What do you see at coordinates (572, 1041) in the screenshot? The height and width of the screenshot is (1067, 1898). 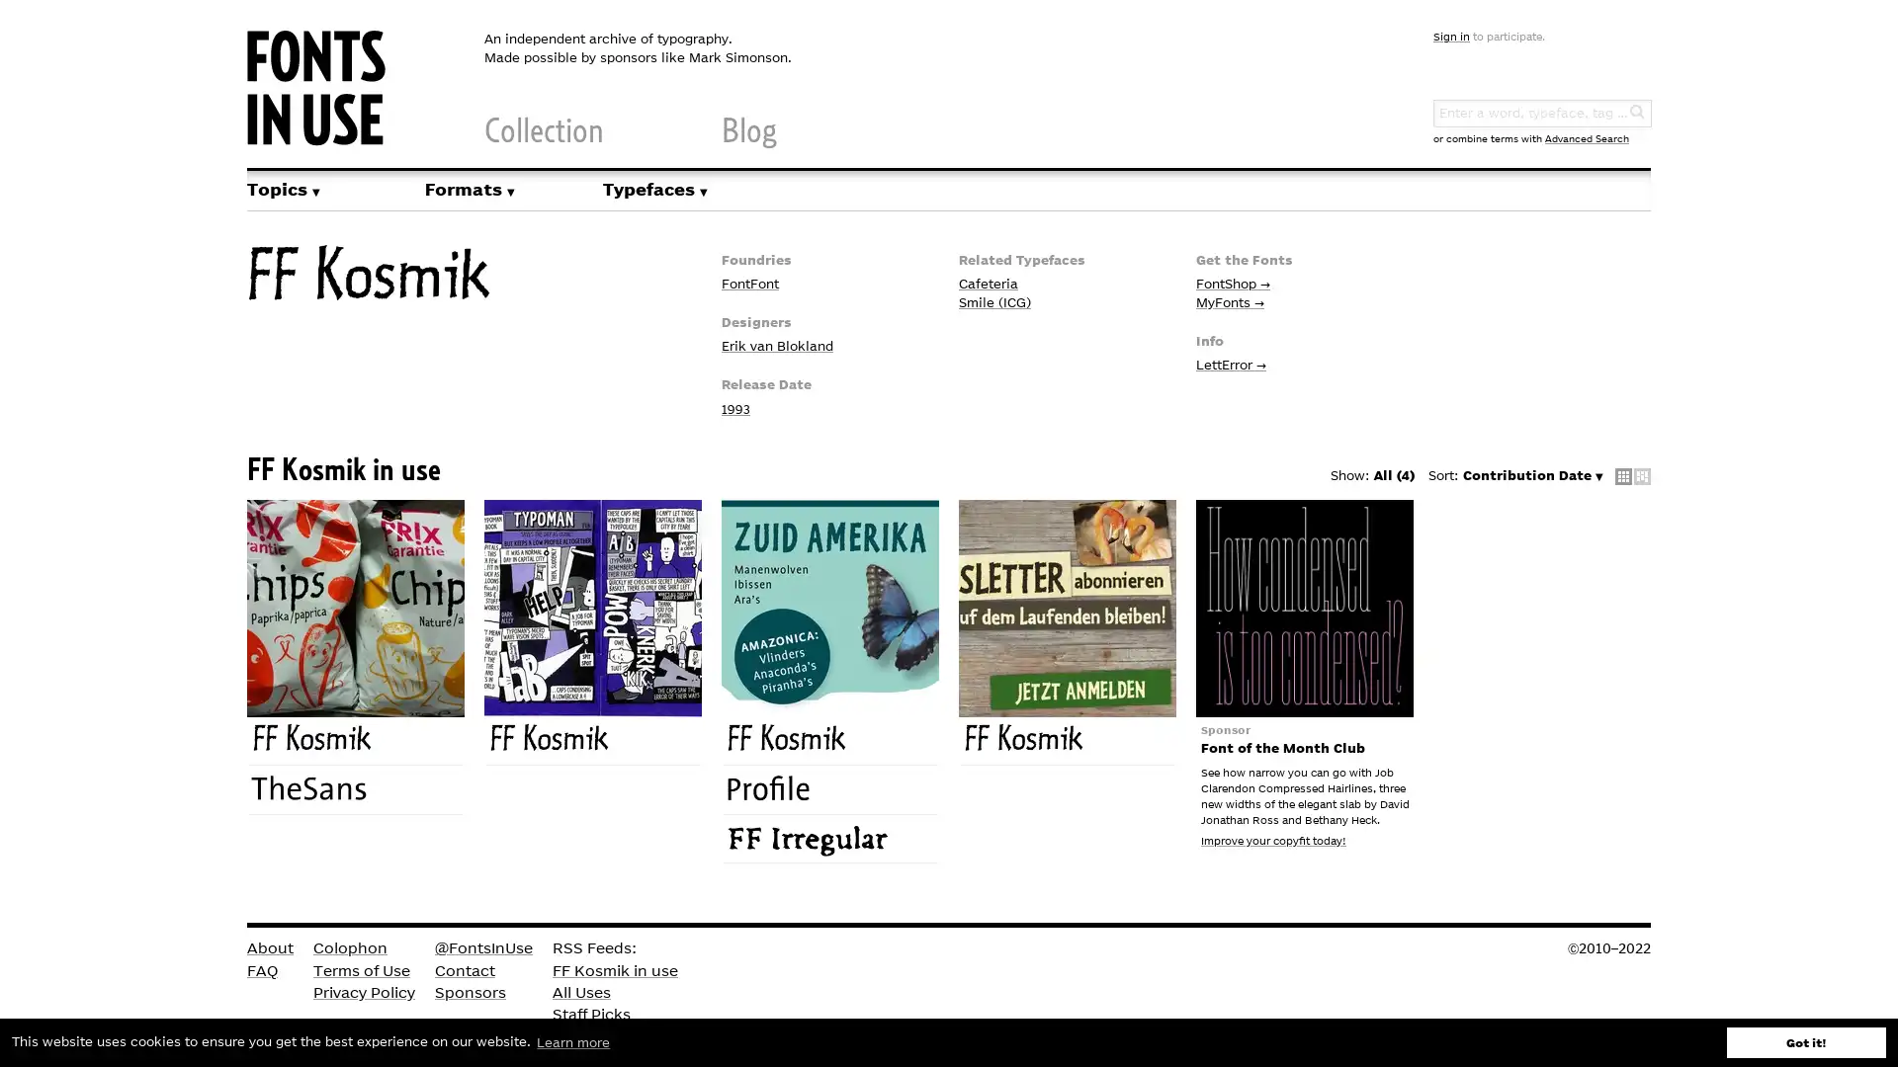 I see `learn more about cookies` at bounding box center [572, 1041].